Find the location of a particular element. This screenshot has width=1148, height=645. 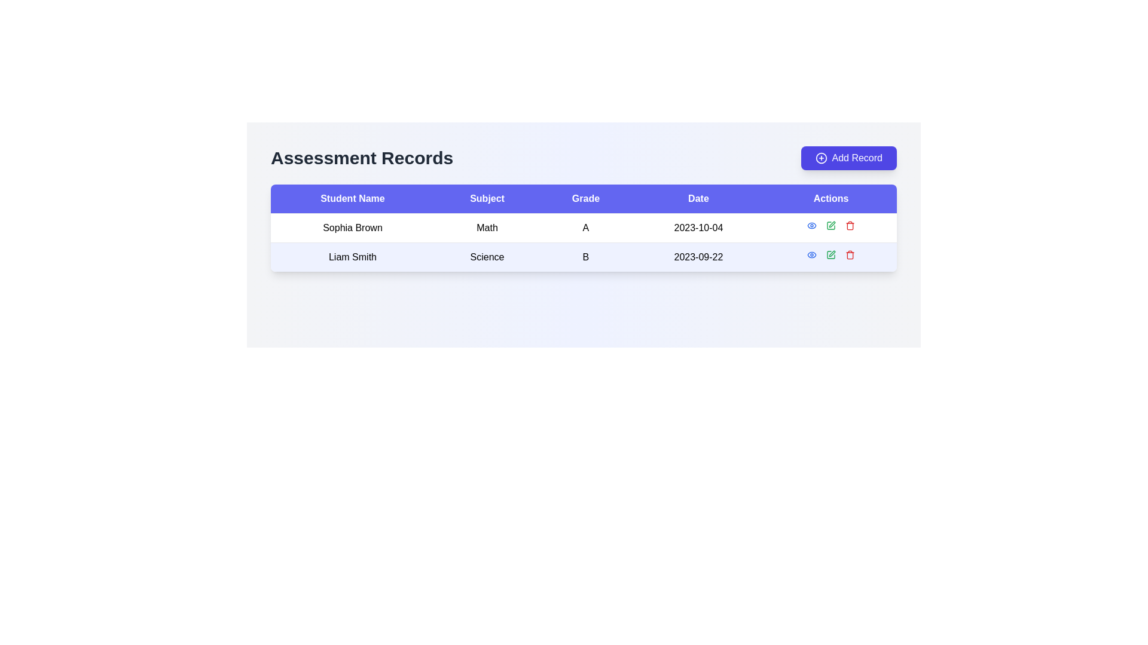

the Table Header that specifies the column containing date values, which is the fourth header in the row of headers preceded by 'Student Name', 'Subject', and 'Grade' is located at coordinates (698, 198).